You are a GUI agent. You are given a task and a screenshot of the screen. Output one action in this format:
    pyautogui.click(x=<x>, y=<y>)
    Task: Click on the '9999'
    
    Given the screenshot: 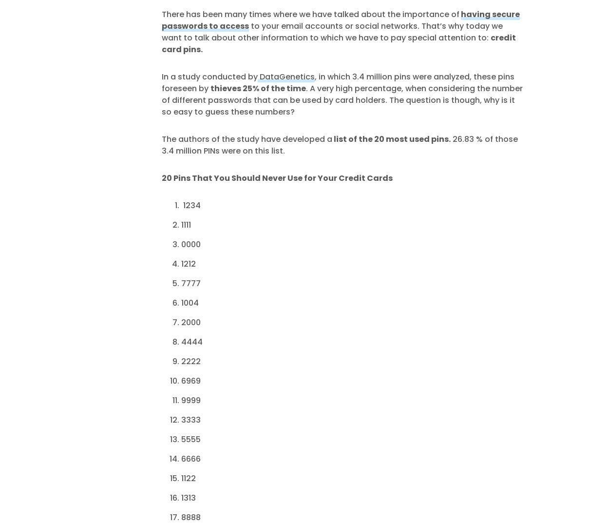 What is the action you would take?
    pyautogui.click(x=190, y=400)
    